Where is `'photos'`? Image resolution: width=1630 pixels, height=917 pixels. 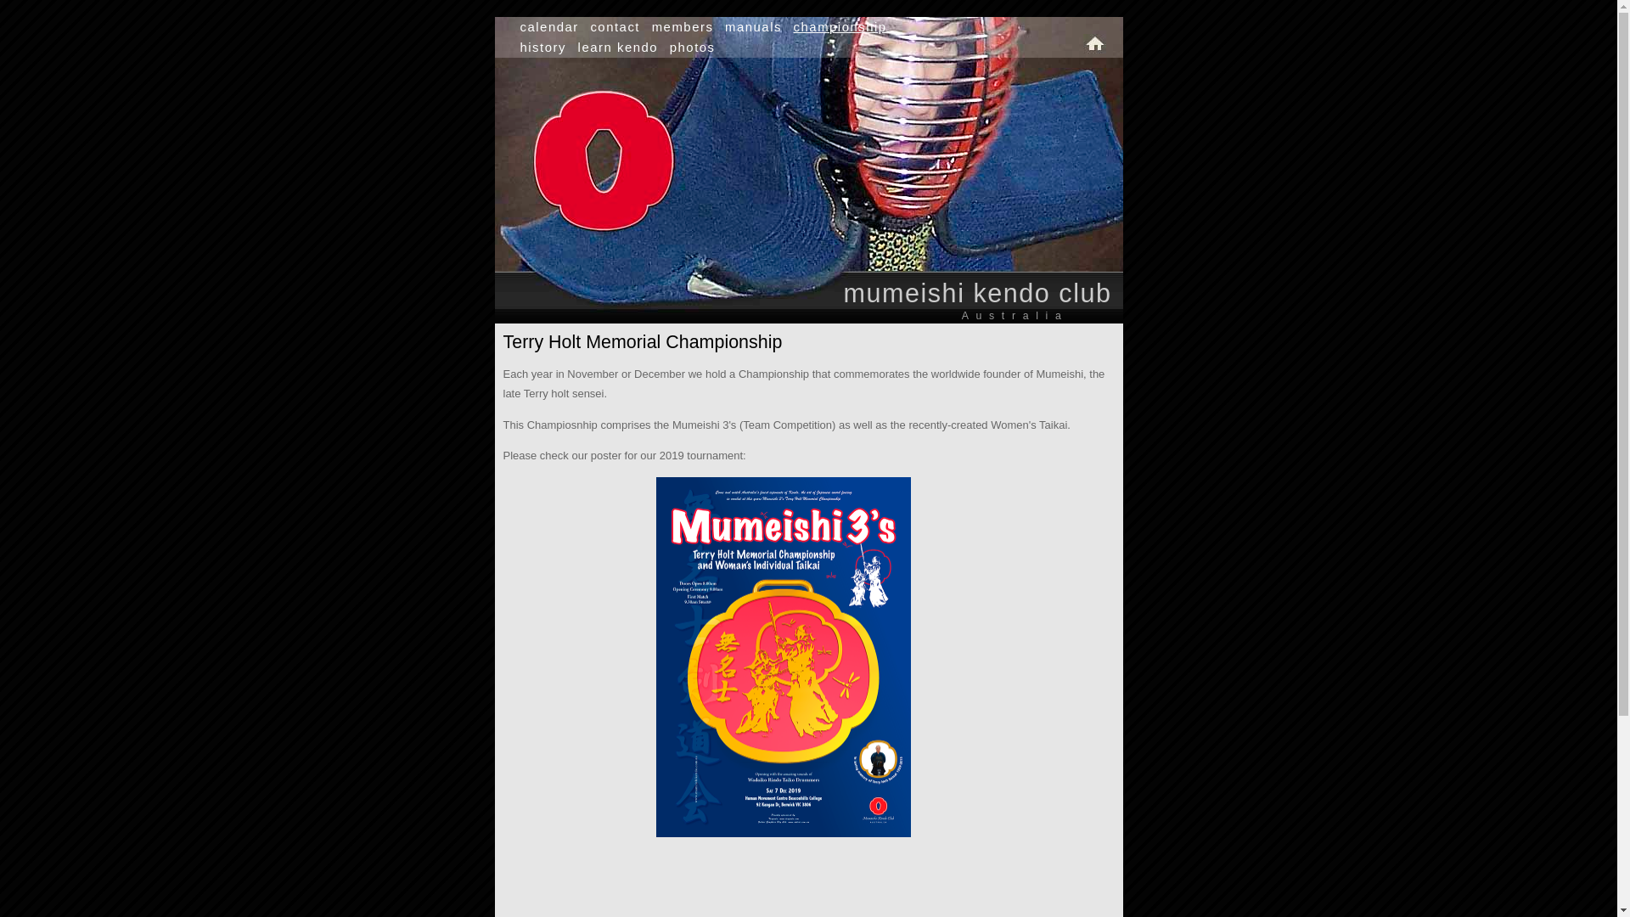
'photos' is located at coordinates (693, 46).